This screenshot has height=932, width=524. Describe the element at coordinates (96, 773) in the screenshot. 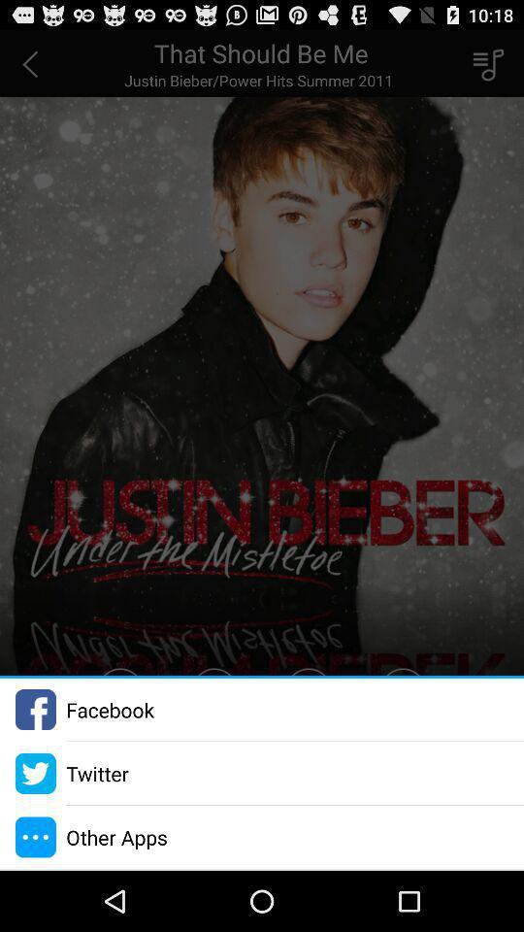

I see `the twitter item` at that location.